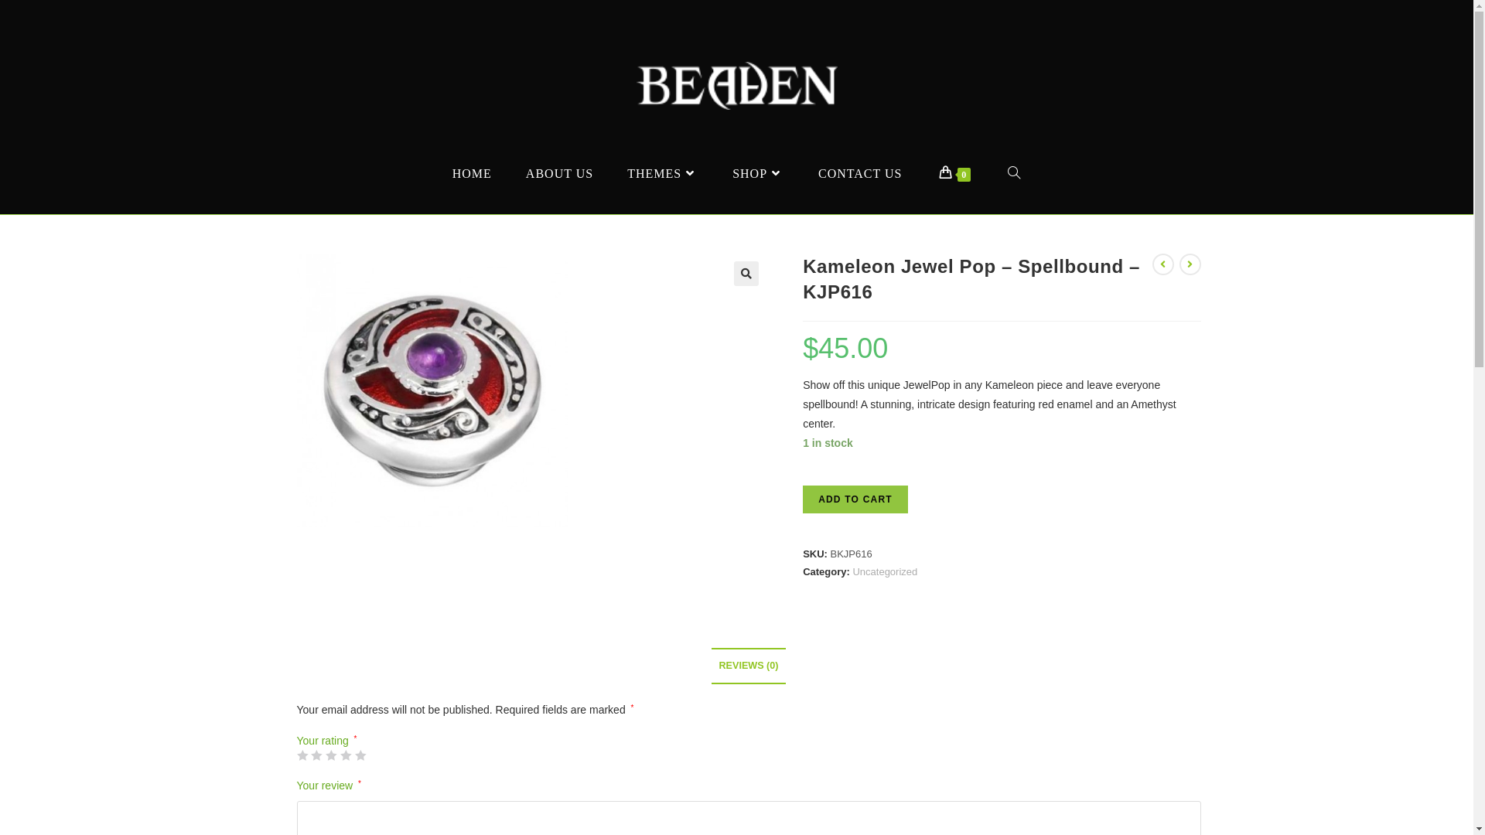 The image size is (1485, 835). I want to click on 'SHOP', so click(758, 173).